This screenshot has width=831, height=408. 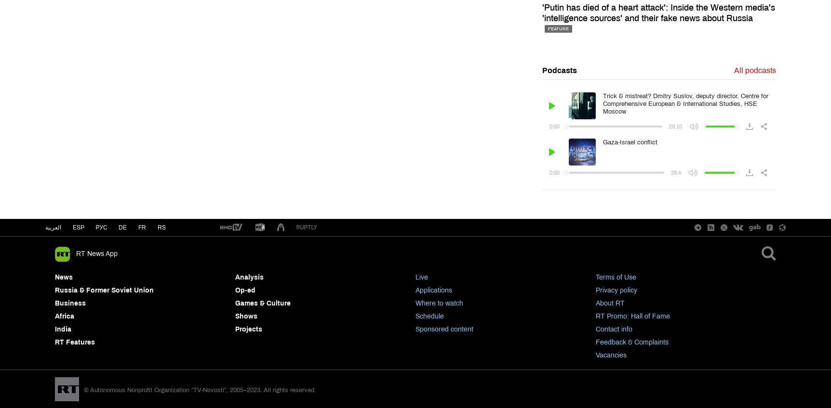 What do you see at coordinates (97, 254) in the screenshot?
I see `'RT News App'` at bounding box center [97, 254].